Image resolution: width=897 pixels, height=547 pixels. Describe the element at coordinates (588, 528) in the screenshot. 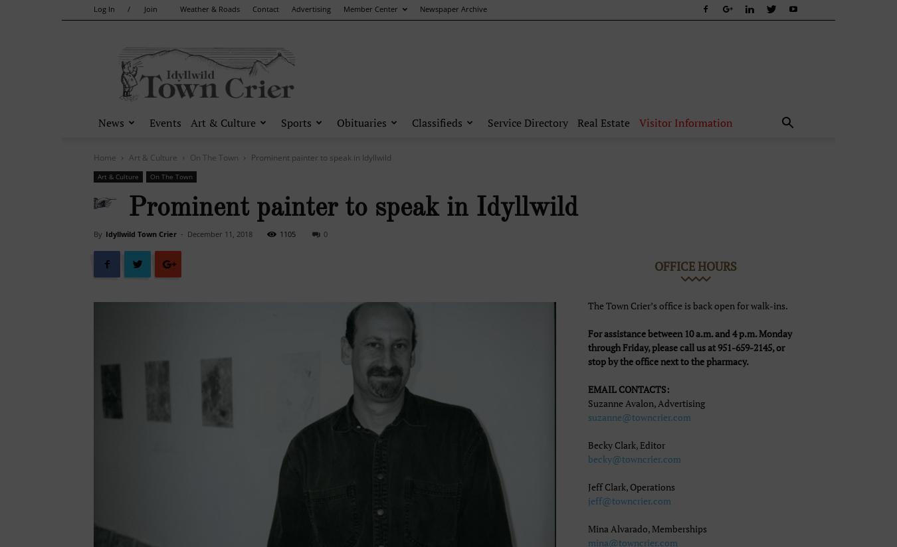

I see `'Mina Alvarado, Memberships'` at that location.